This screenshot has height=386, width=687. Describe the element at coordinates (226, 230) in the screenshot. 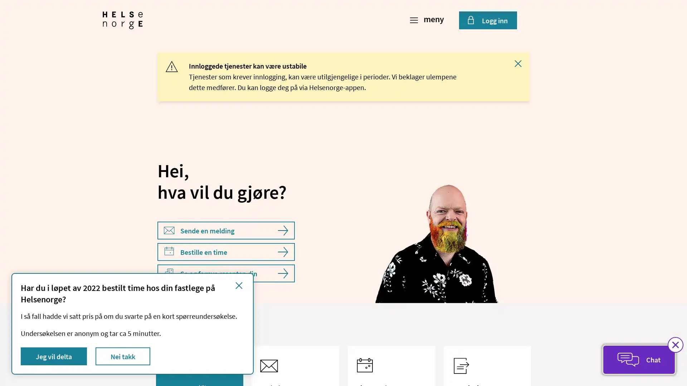

I see `Sende en melding` at that location.